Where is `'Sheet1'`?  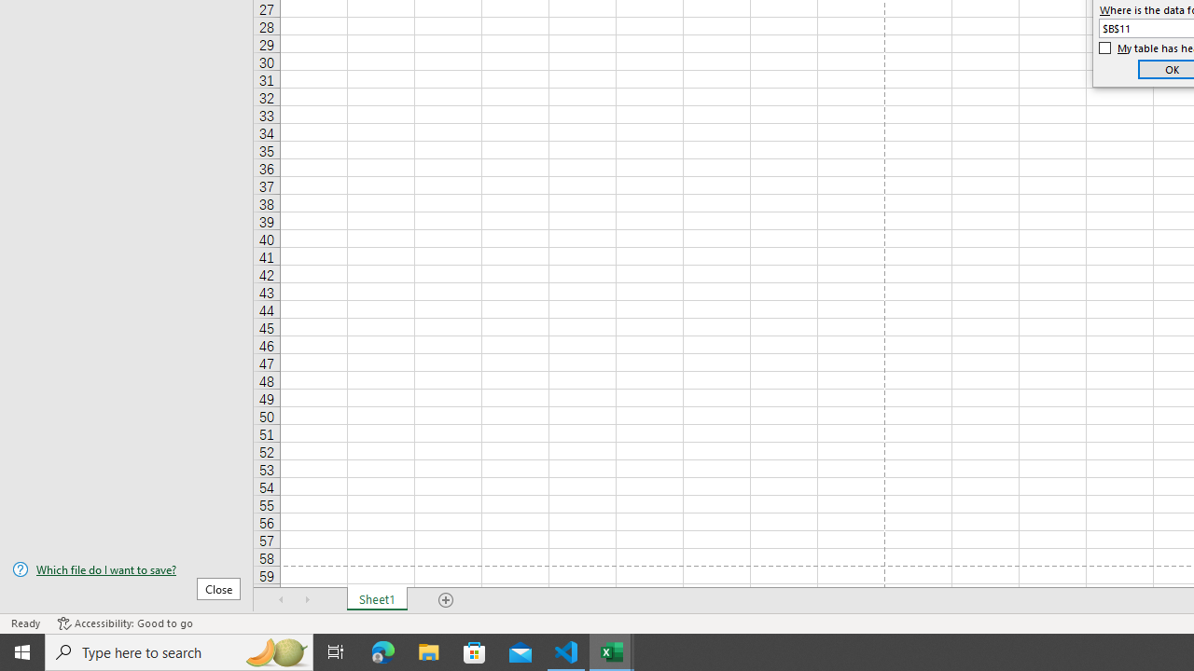
'Sheet1' is located at coordinates (376, 600).